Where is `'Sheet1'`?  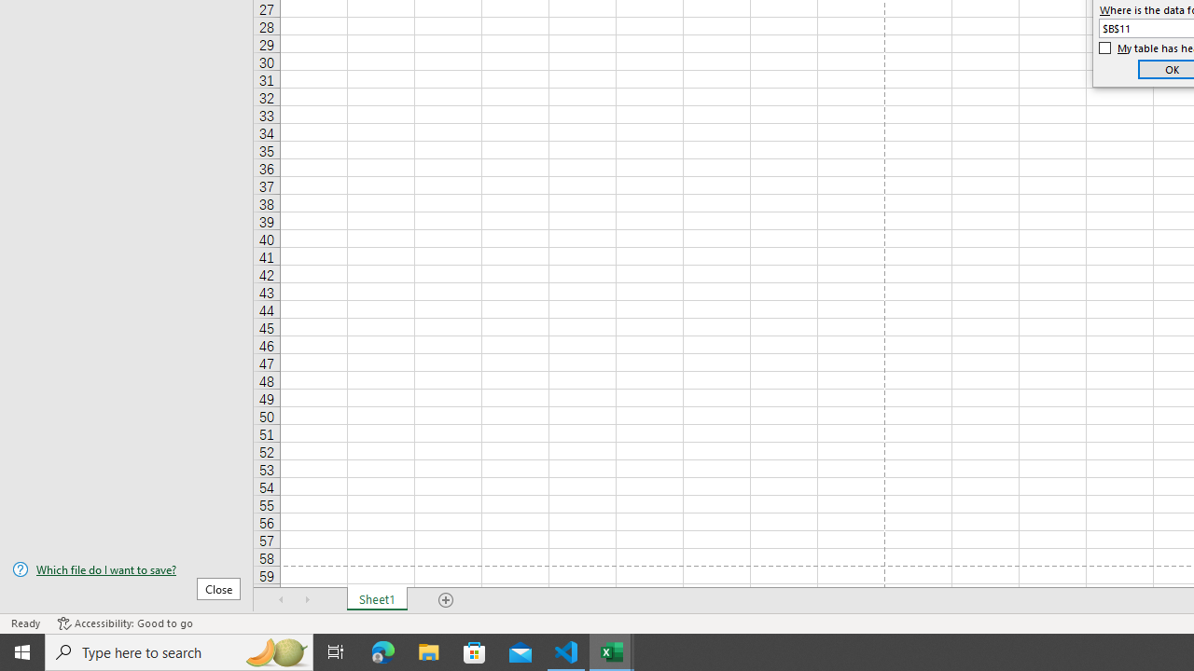
'Sheet1' is located at coordinates (376, 600).